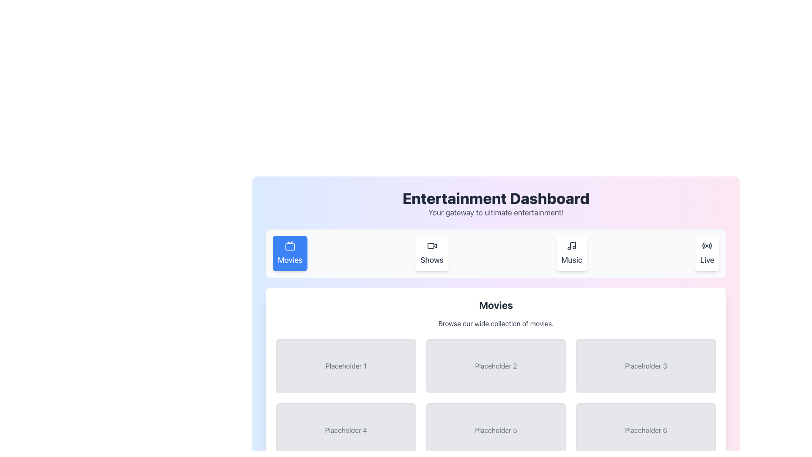  Describe the element at coordinates (432, 246) in the screenshot. I see `the video symbol icon located on the 'Shows' card in the navigational menu, which features a triangular play icon and a small camera lens protrusion` at that location.